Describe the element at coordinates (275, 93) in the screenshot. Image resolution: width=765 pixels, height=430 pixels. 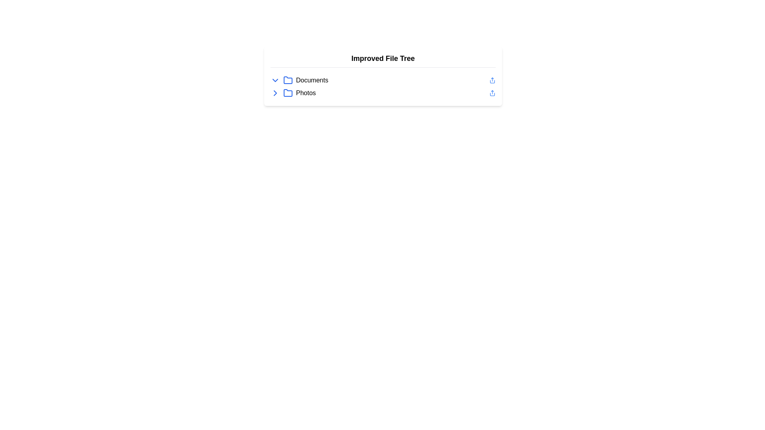
I see `the chevron icon button located to the left of the 'Photos' folder label` at that location.